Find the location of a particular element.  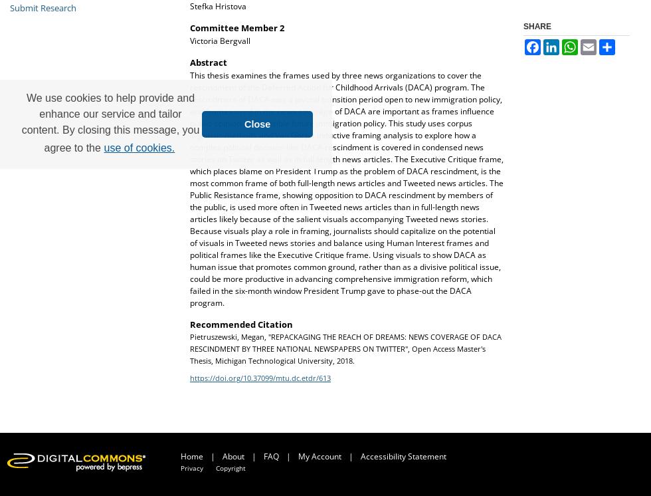

'Accessibility Statement' is located at coordinates (361, 456).